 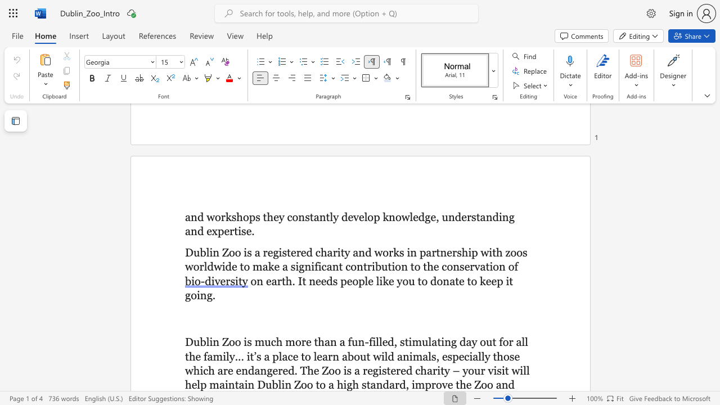 What do you see at coordinates (327, 356) in the screenshot?
I see `the subset text "rn about wild animals, especially those which are endangered. The Zoo is a r" within the text "a place to learn about wild animals, especially those which are endangered. The Zoo is a registered charity – your visit will help"` at bounding box center [327, 356].